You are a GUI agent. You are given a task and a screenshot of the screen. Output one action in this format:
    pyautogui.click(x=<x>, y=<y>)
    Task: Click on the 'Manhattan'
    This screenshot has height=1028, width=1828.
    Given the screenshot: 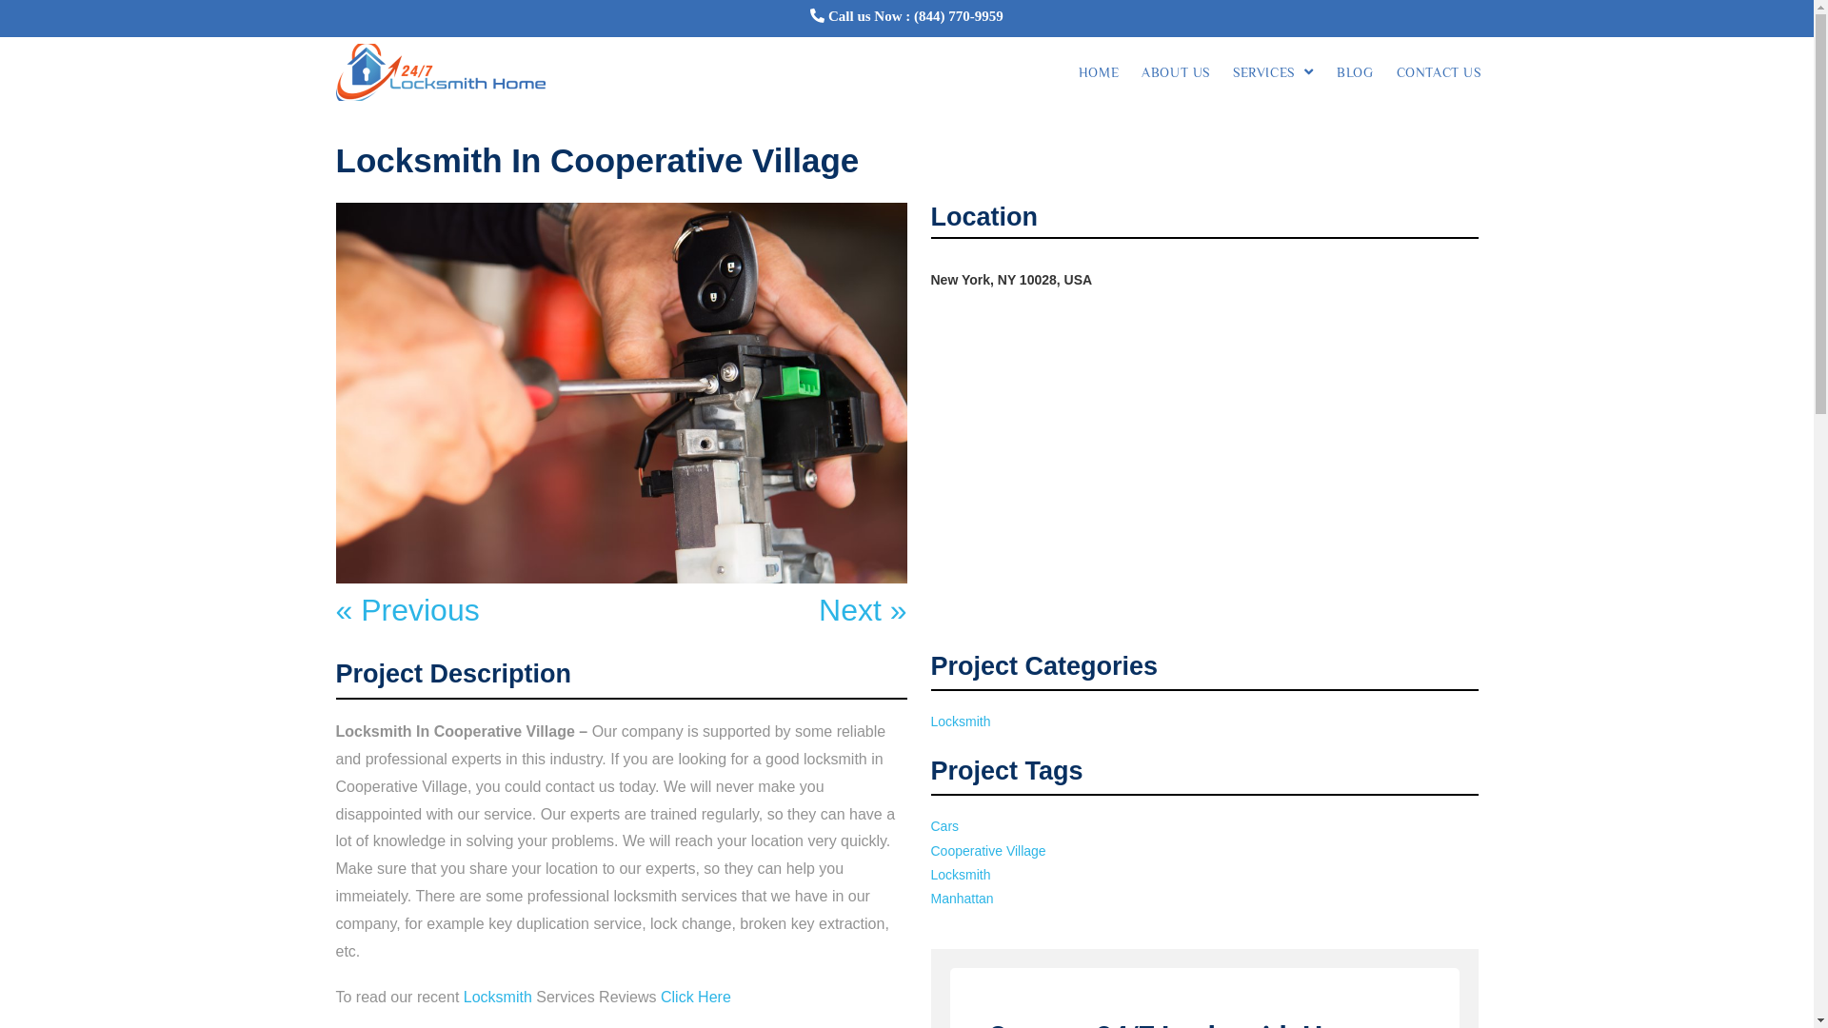 What is the action you would take?
    pyautogui.click(x=963, y=899)
    